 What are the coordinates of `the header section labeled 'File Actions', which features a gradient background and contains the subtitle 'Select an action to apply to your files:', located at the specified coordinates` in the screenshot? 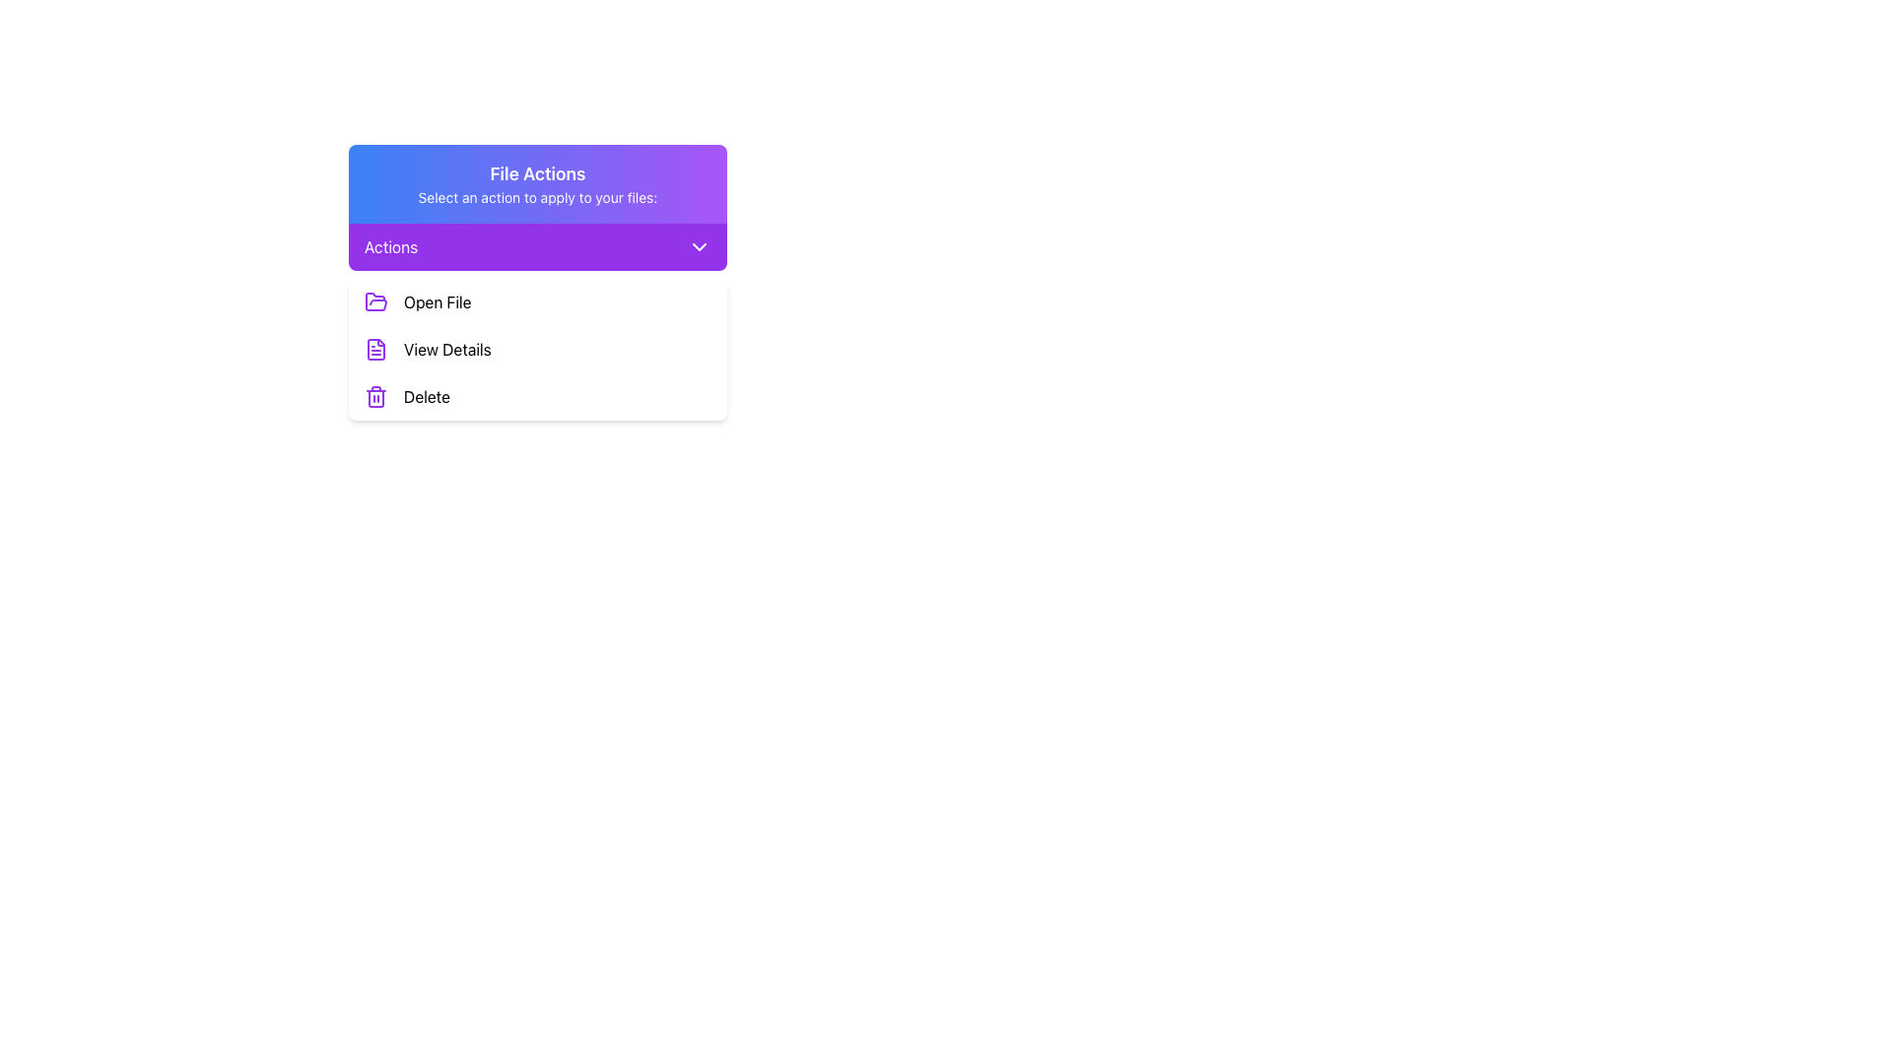 It's located at (538, 183).